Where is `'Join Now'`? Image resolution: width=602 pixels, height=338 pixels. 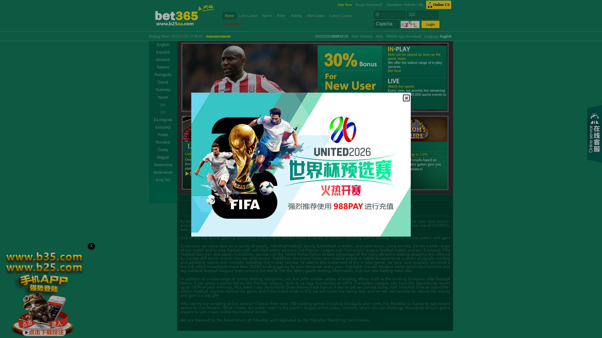 'Join Now' is located at coordinates (344, 5).